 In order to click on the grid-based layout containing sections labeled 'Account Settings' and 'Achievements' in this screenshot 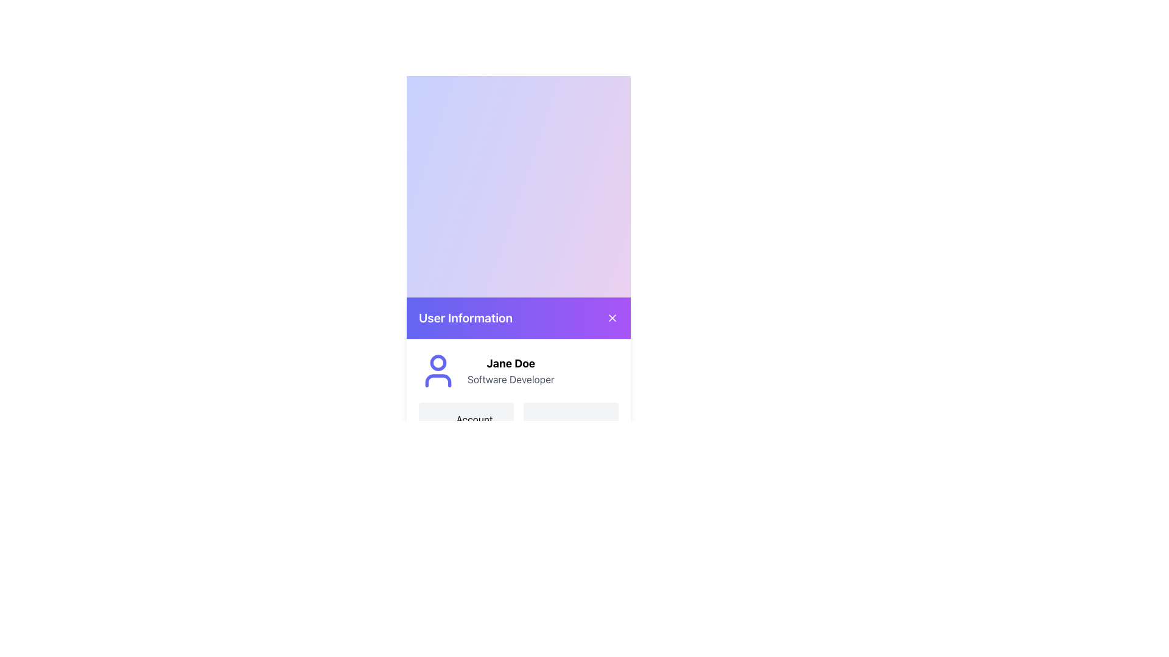, I will do `click(518, 426)`.